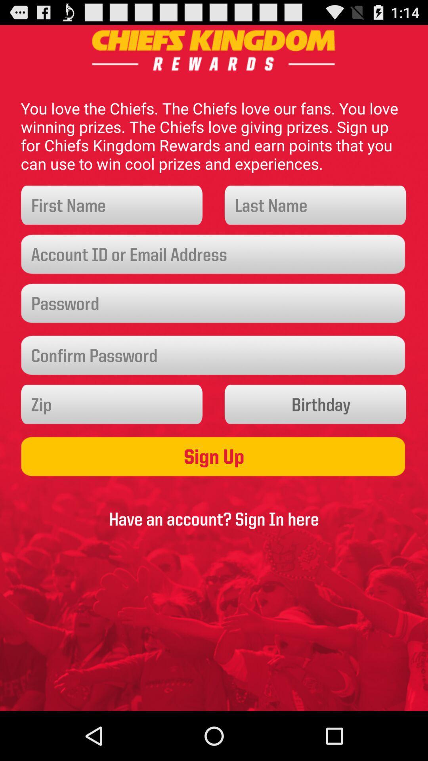 The height and width of the screenshot is (761, 428). What do you see at coordinates (214, 355) in the screenshot?
I see `password entry` at bounding box center [214, 355].